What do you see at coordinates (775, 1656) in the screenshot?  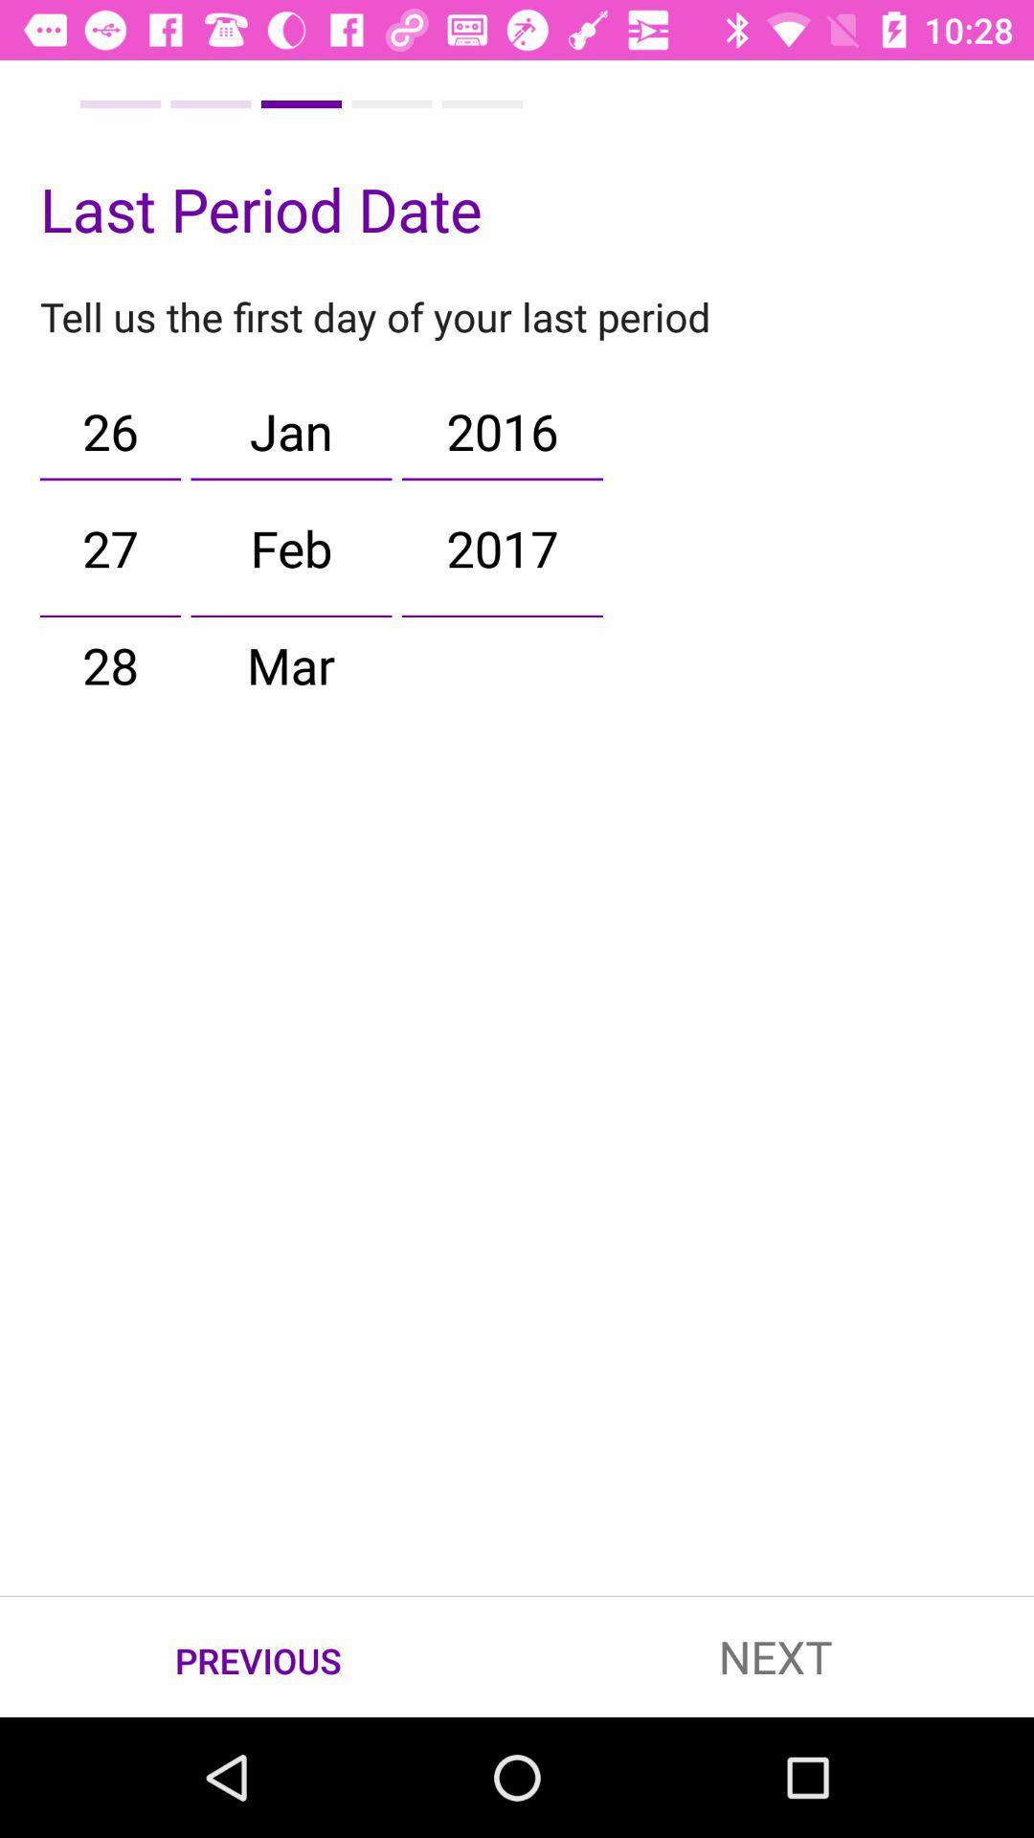 I see `the icon to the right of previous item` at bounding box center [775, 1656].